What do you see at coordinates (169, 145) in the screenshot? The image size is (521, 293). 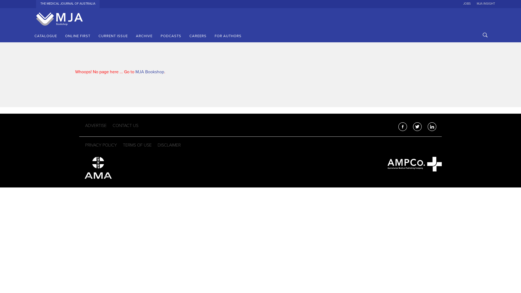 I see `'DISCLAIMER'` at bounding box center [169, 145].